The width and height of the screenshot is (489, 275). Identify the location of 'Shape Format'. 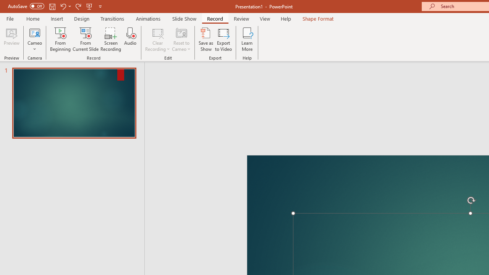
(318, 18).